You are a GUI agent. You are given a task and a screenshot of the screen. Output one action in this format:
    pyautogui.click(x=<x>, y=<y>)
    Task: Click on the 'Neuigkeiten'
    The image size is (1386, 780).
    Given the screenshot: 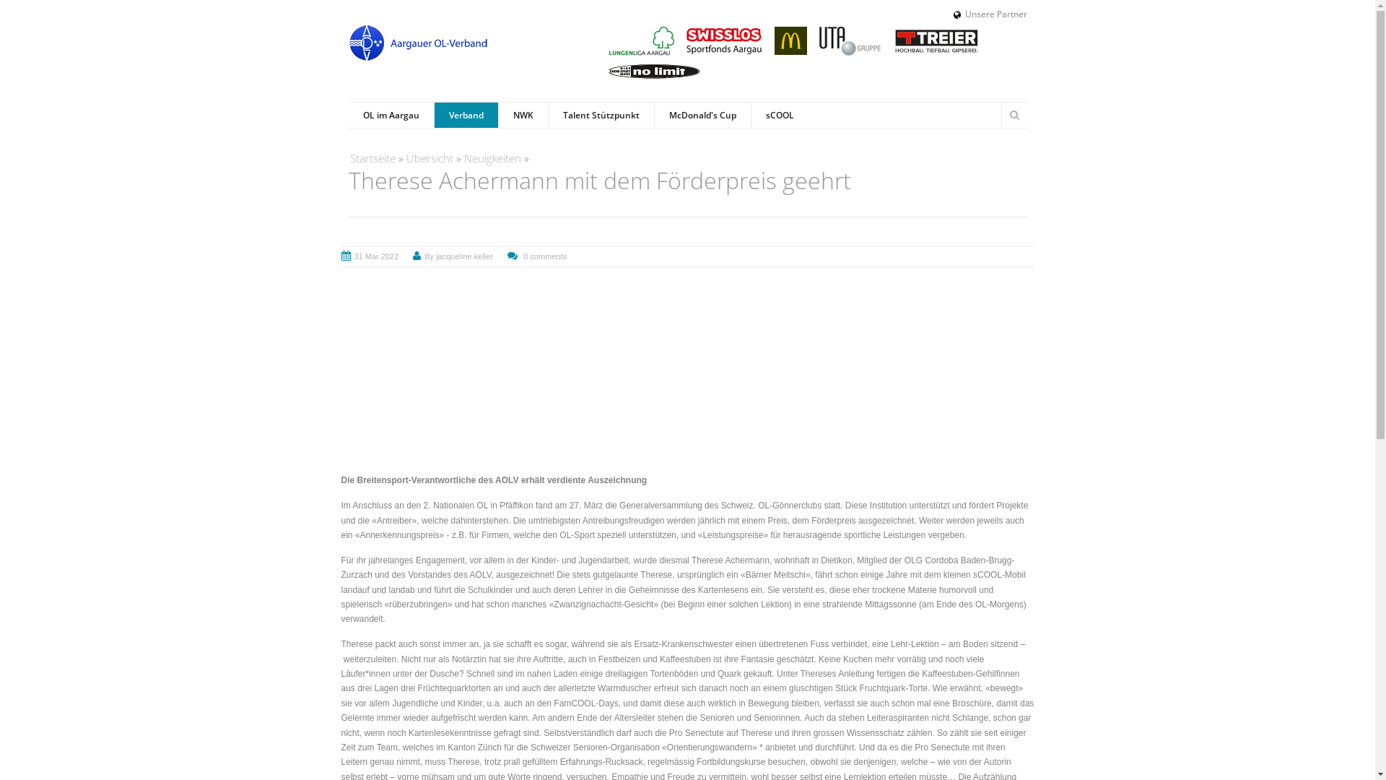 What is the action you would take?
    pyautogui.click(x=492, y=158)
    